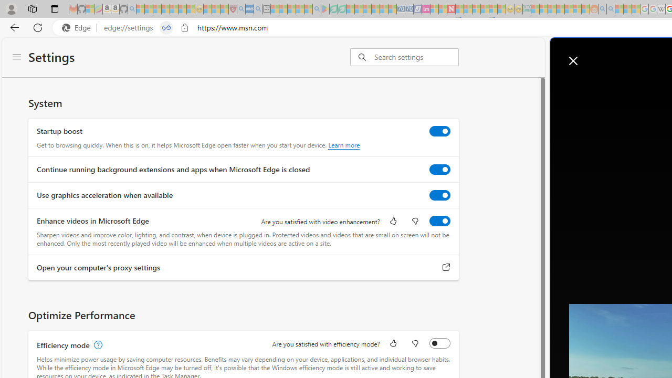  Describe the element at coordinates (415, 57) in the screenshot. I see `'Search settings'` at that location.